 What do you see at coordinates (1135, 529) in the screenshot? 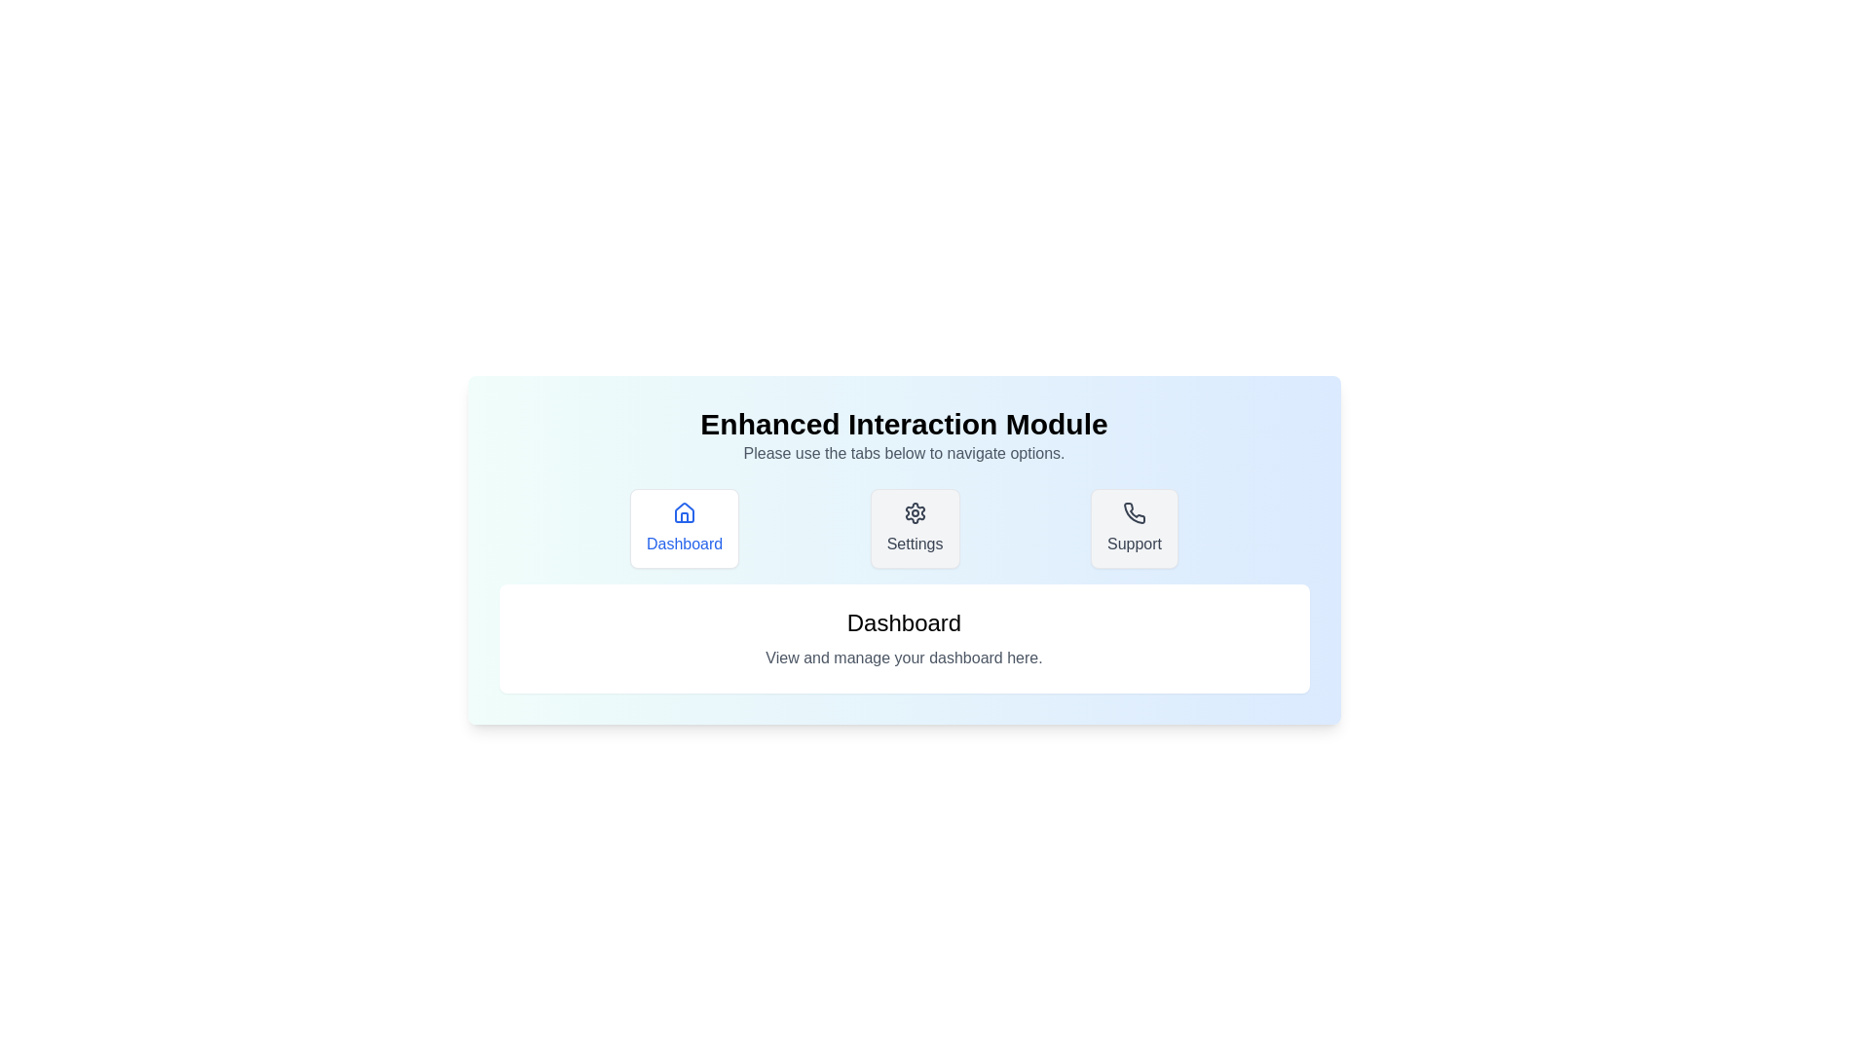
I see `the Support tab to activate it` at bounding box center [1135, 529].